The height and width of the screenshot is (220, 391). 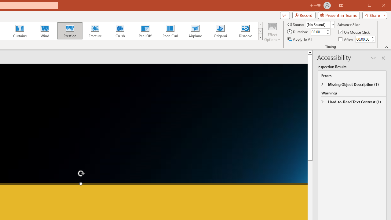 What do you see at coordinates (195, 31) in the screenshot?
I see `'Airplane'` at bounding box center [195, 31].